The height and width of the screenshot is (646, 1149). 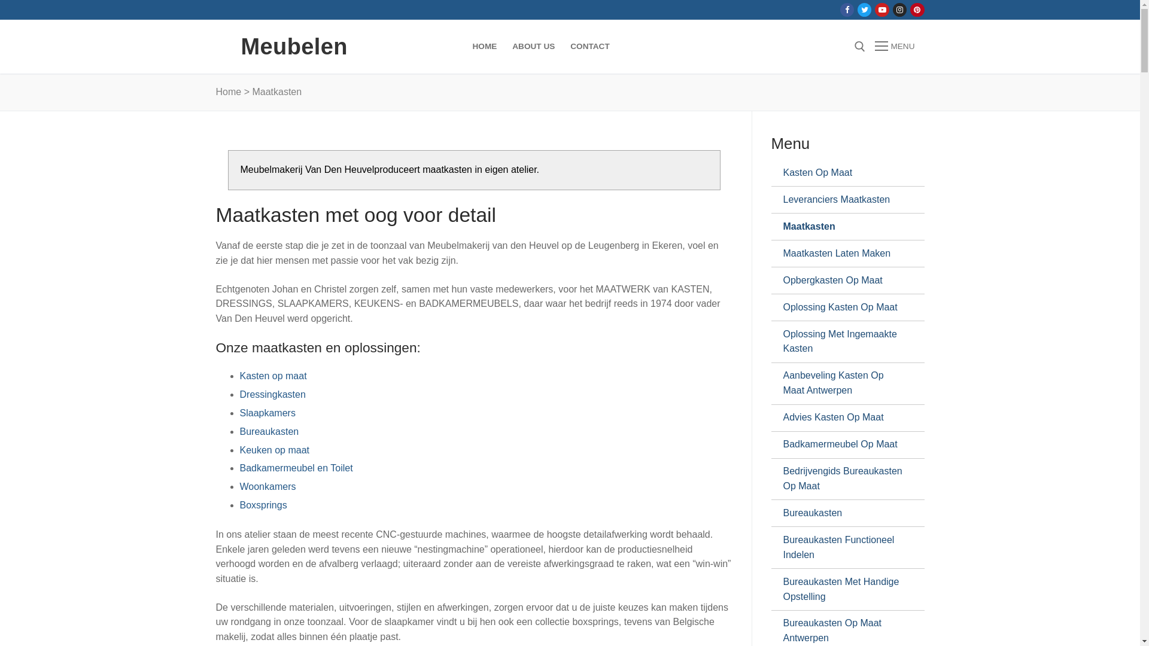 I want to click on 'Pinterest', so click(x=913, y=10).